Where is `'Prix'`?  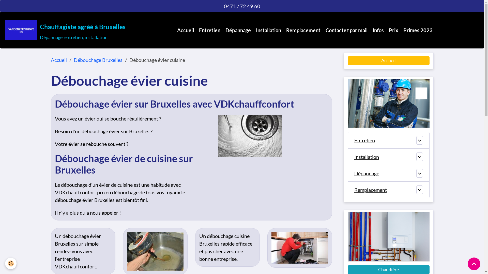
'Prix' is located at coordinates (393, 30).